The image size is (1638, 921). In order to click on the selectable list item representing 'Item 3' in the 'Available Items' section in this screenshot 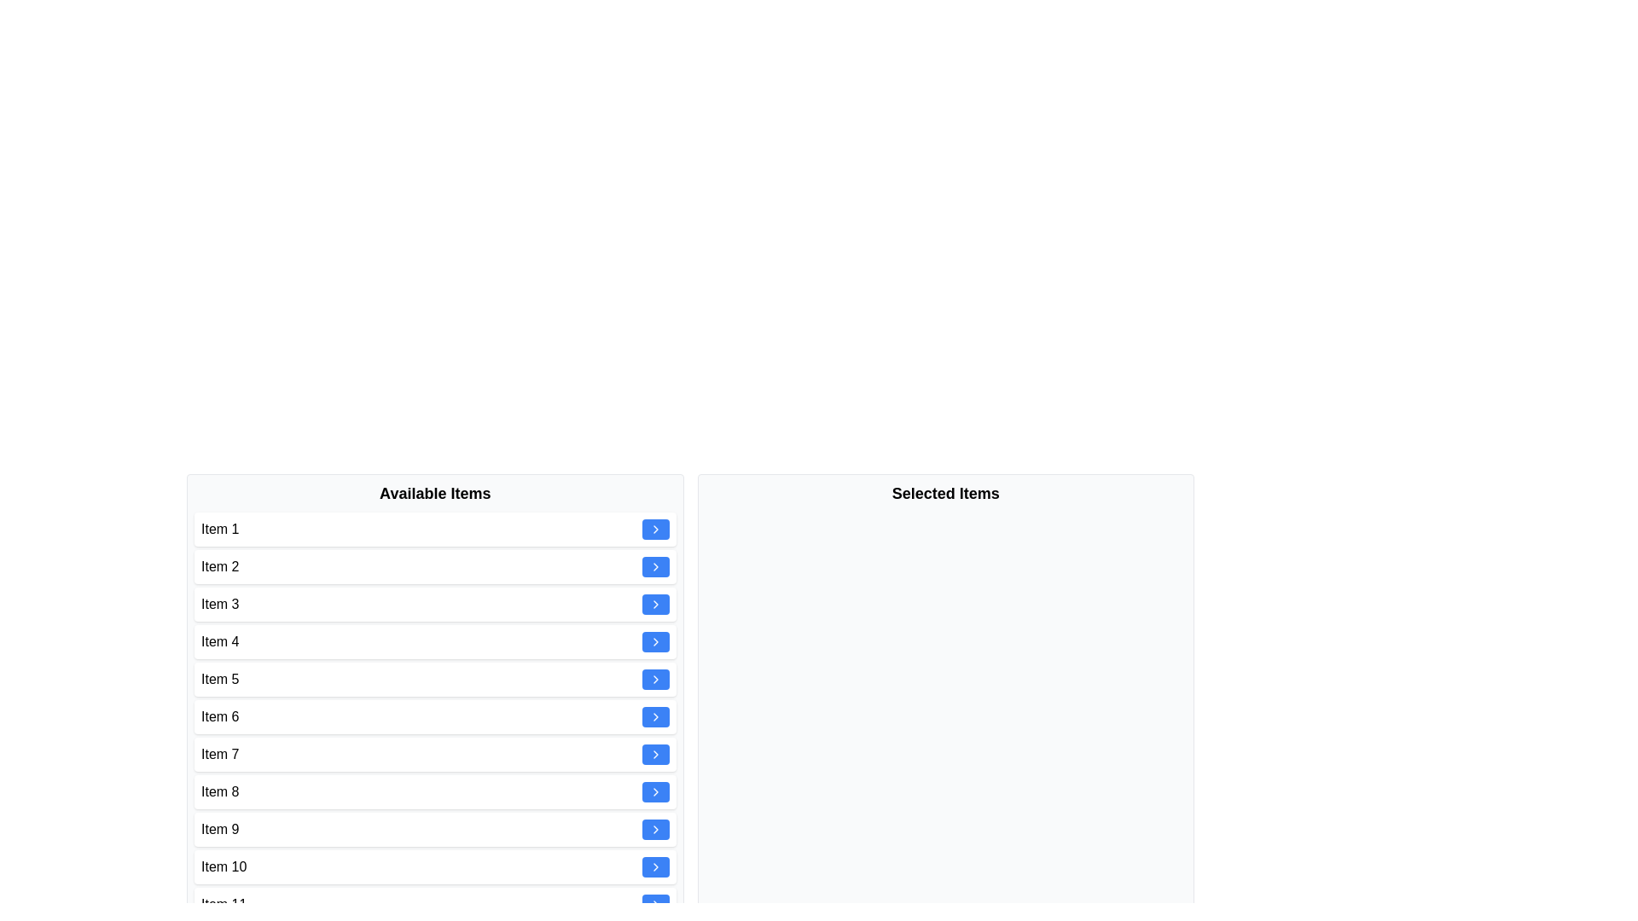, I will do `click(435, 604)`.